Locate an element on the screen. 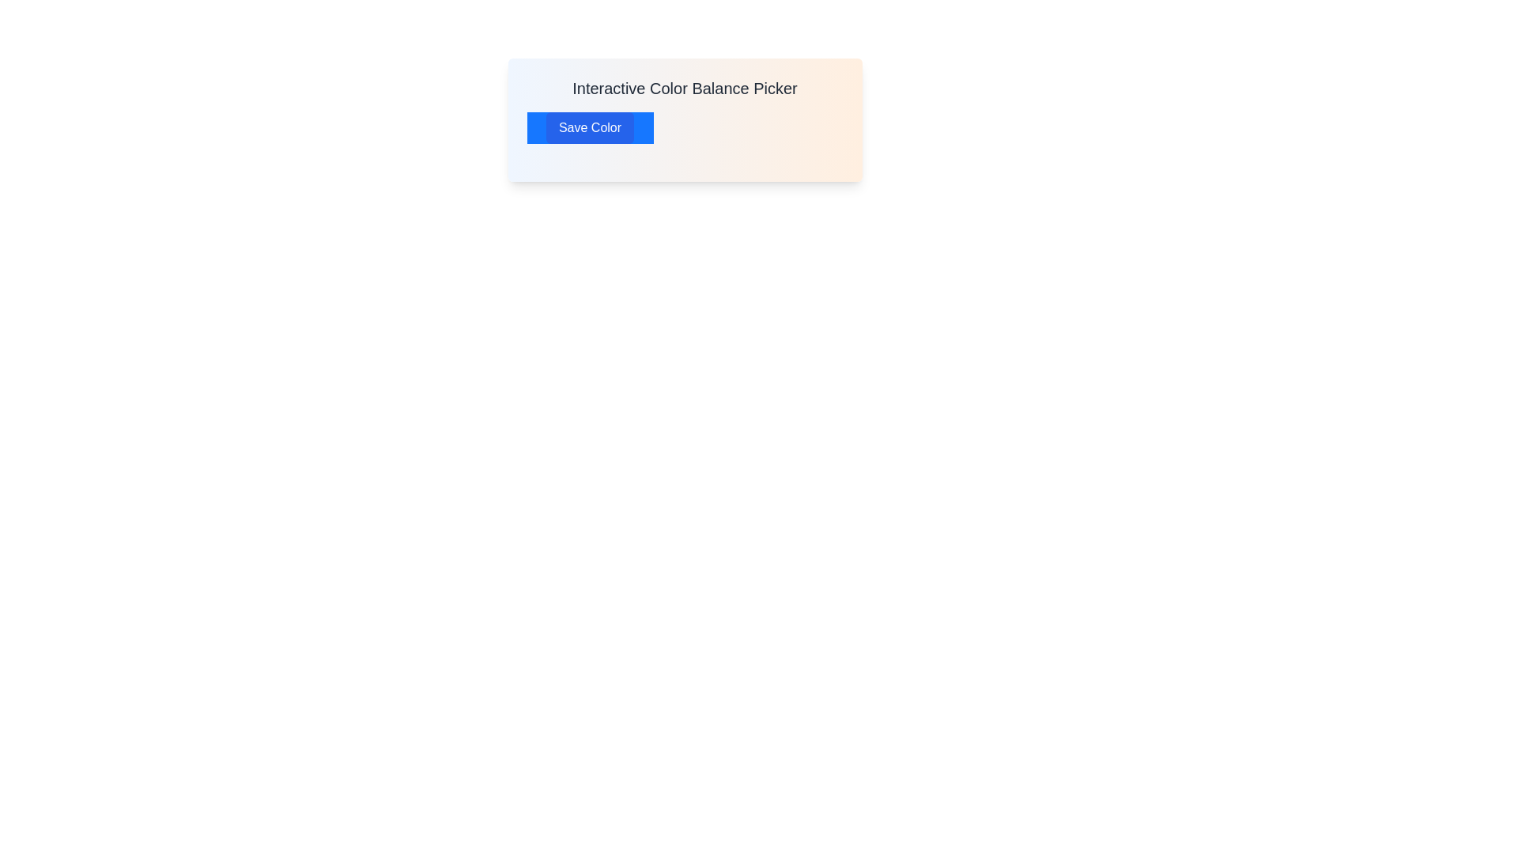 The width and height of the screenshot is (1518, 854). the rectangular panel labeled 'Interactive Color Balance Picker' with a gradient background from its current position is located at coordinates (685, 119).